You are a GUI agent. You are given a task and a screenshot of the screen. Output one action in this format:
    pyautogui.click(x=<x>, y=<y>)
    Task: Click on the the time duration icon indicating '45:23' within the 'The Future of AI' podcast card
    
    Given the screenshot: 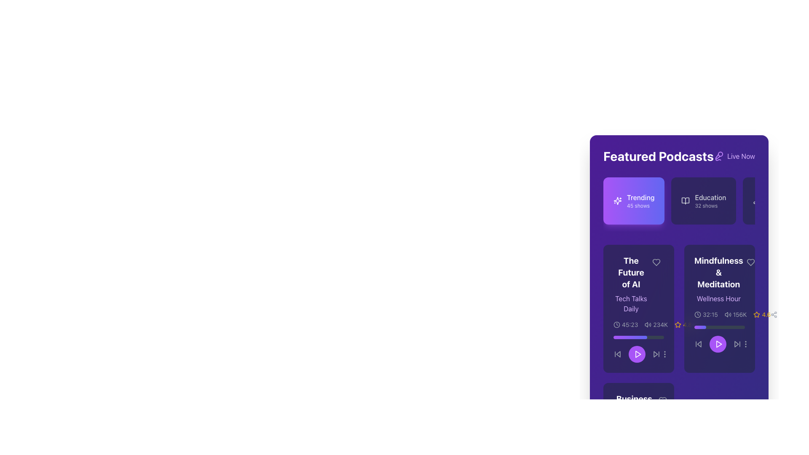 What is the action you would take?
    pyautogui.click(x=617, y=324)
    